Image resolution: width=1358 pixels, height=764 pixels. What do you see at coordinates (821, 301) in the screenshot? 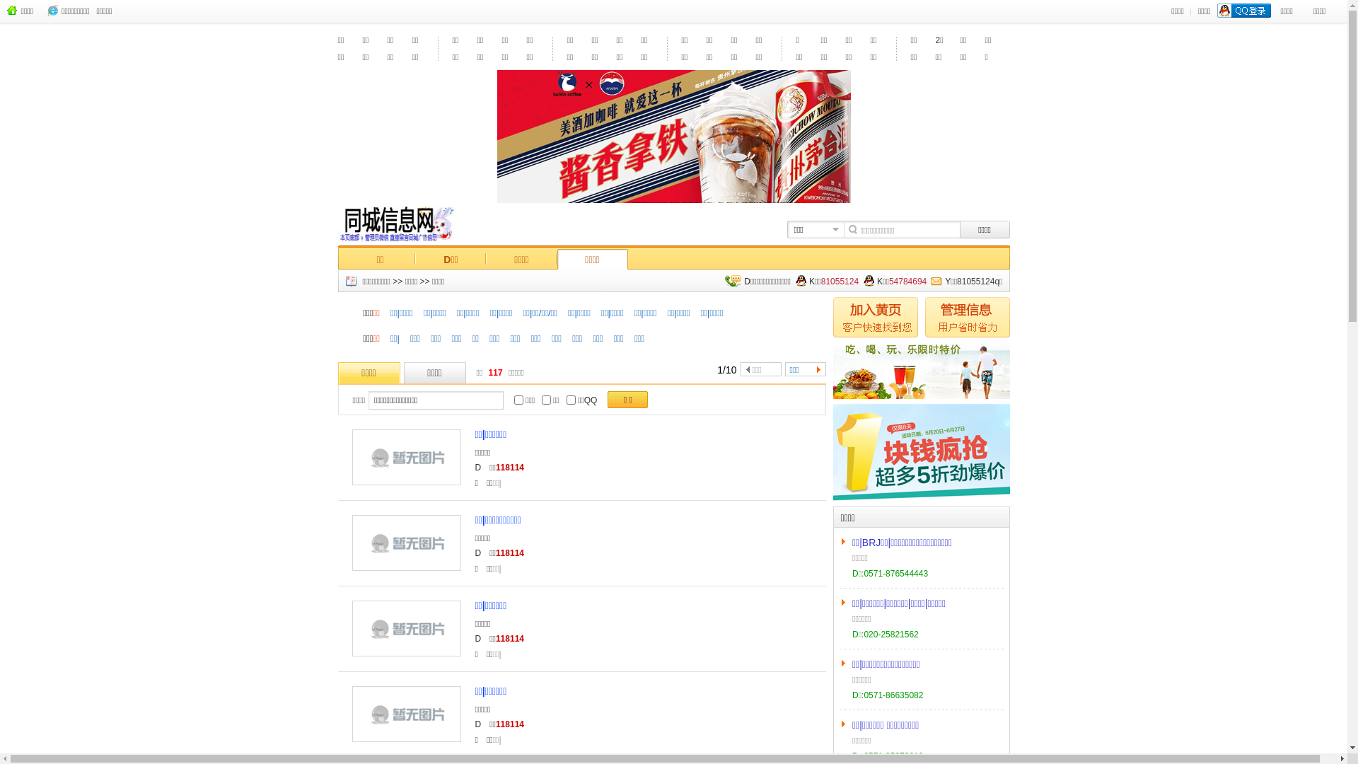
I see `'81055124'` at bounding box center [821, 301].